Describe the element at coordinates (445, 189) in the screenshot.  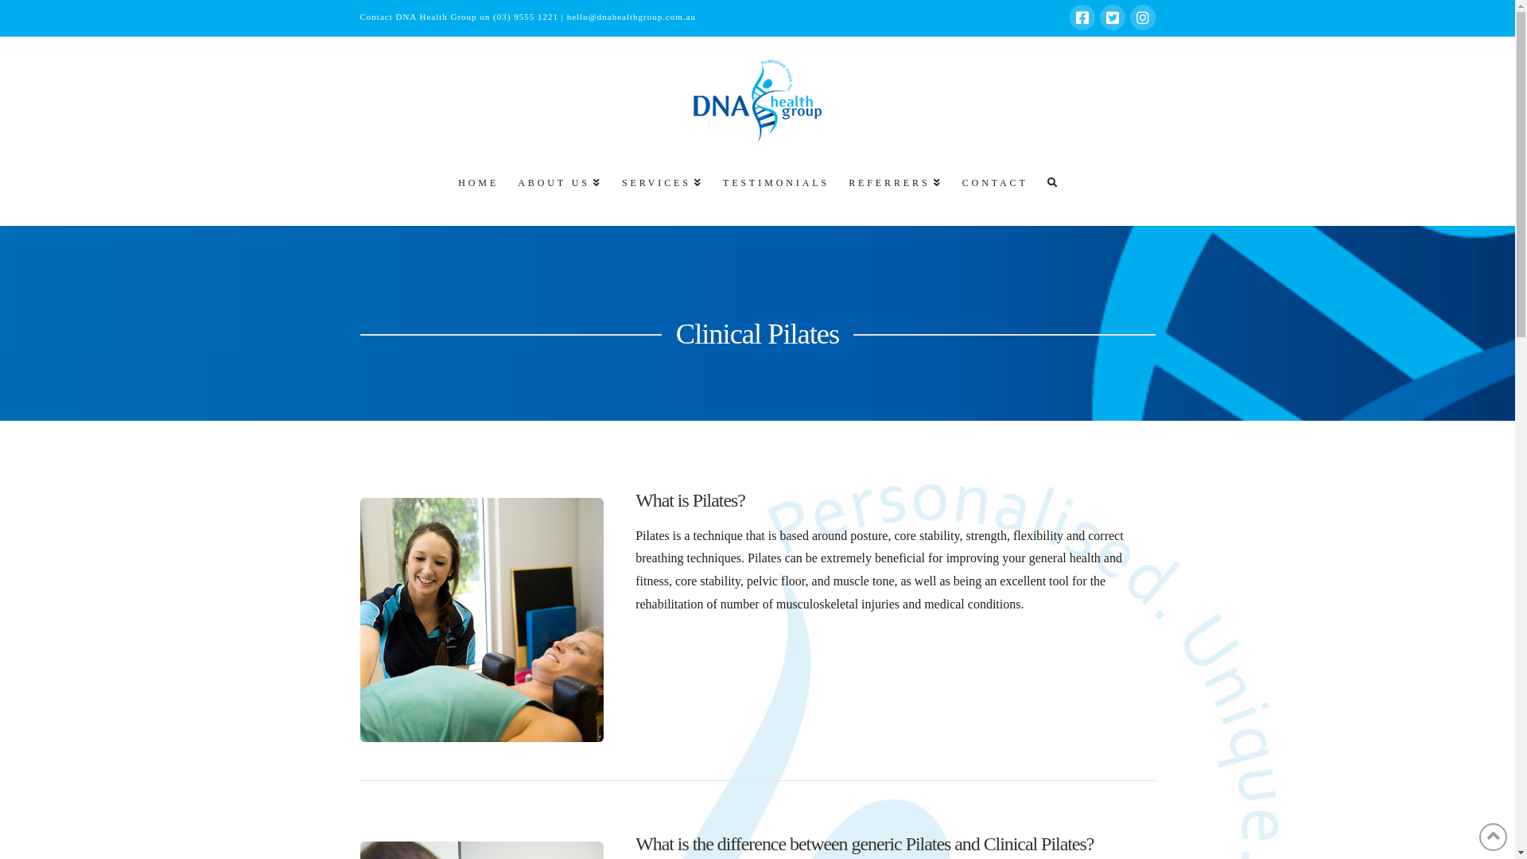
I see `'HOME'` at that location.